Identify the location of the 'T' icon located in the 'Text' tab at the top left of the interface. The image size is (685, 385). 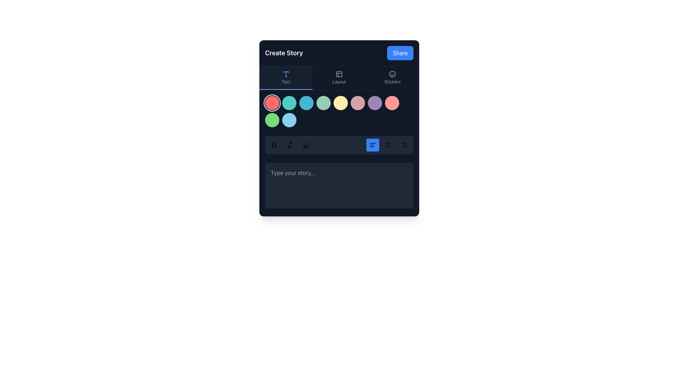
(286, 74).